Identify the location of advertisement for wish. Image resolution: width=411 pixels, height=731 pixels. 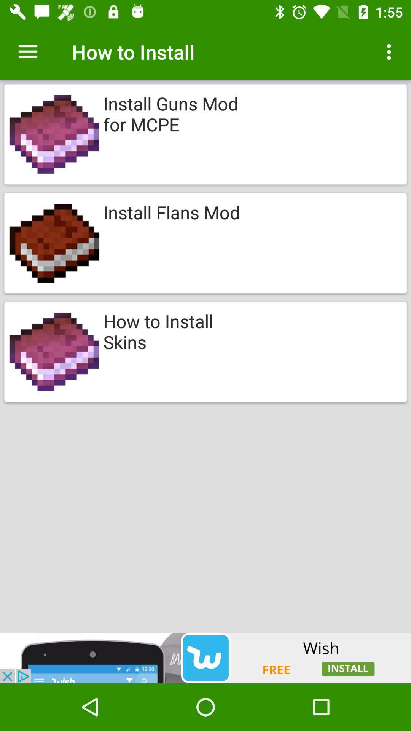
(205, 658).